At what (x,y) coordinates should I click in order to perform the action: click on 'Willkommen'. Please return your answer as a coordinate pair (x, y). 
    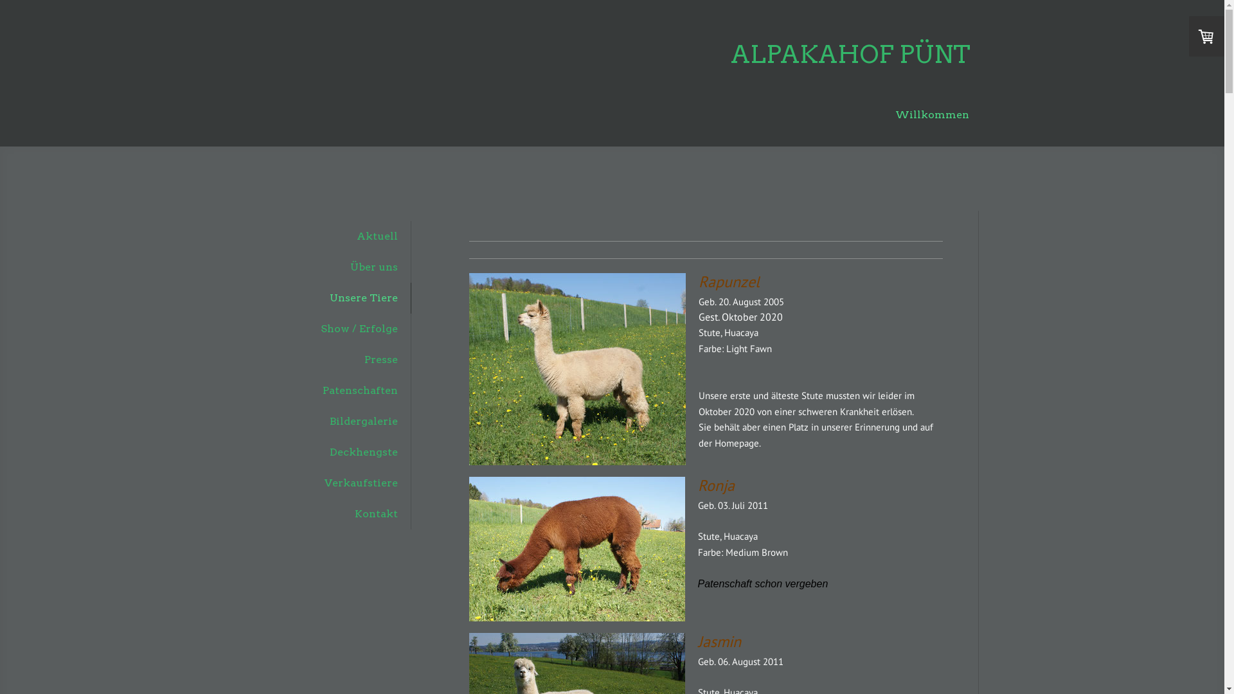
    Looking at the image, I should click on (932, 116).